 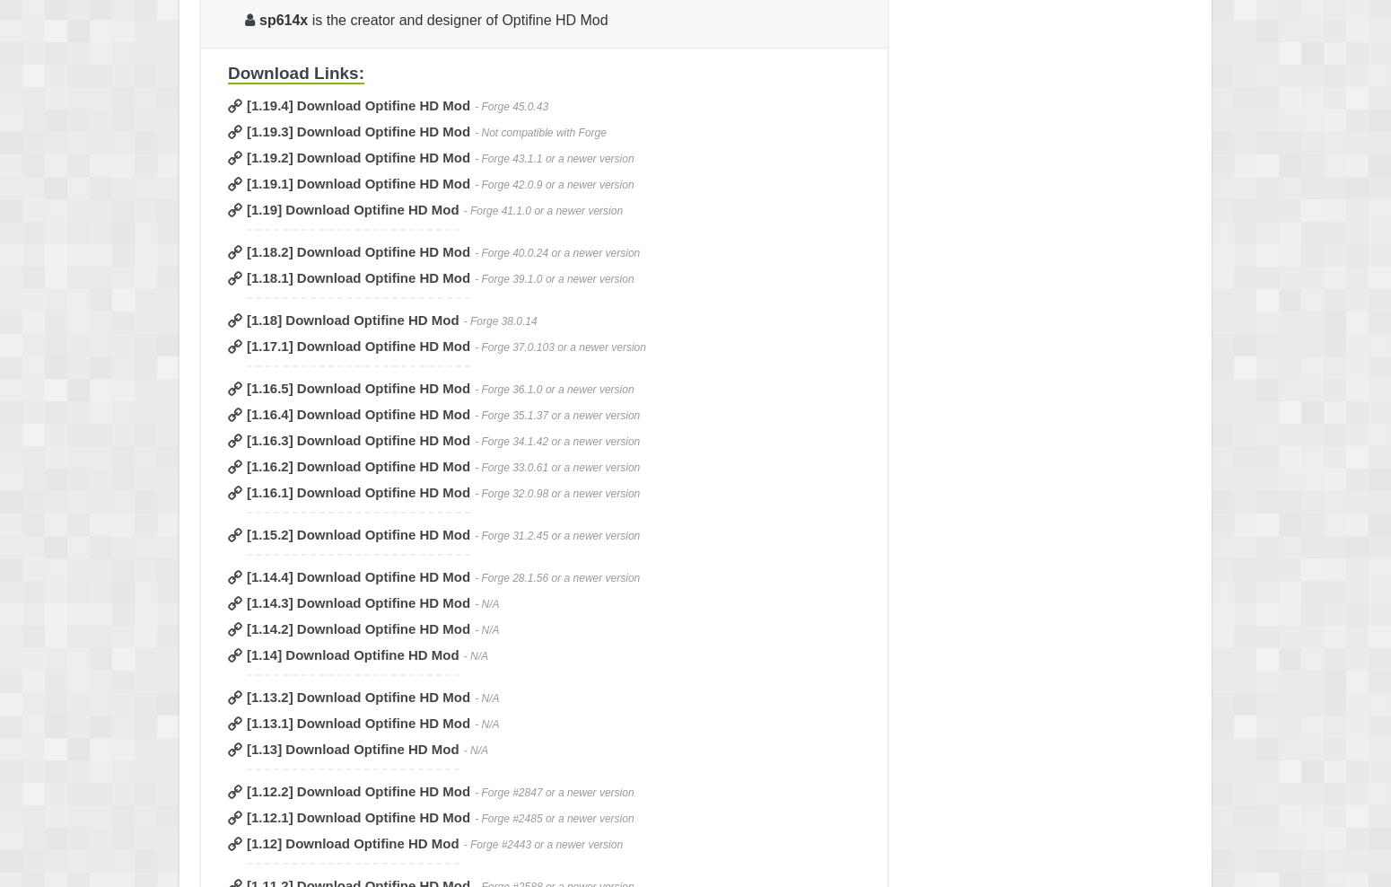 What do you see at coordinates (556, 251) in the screenshot?
I see `'- Forge 40.0.24 or a newer version'` at bounding box center [556, 251].